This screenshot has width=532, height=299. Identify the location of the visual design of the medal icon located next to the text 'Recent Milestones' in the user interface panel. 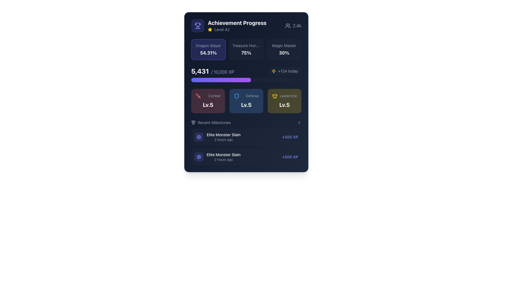
(193, 122).